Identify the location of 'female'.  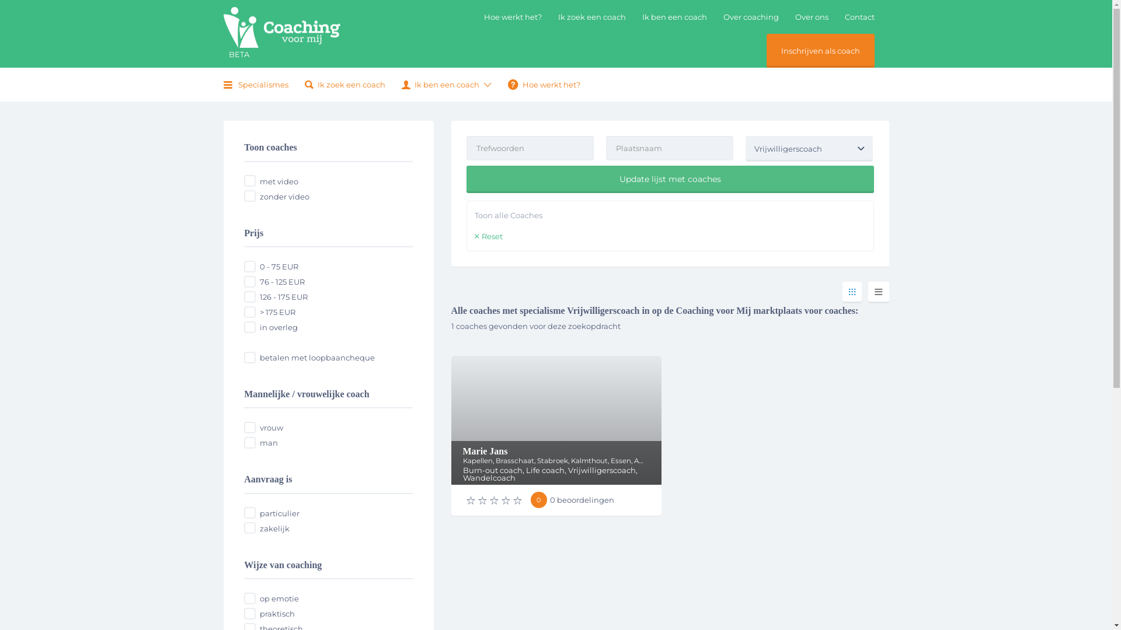
(249, 427).